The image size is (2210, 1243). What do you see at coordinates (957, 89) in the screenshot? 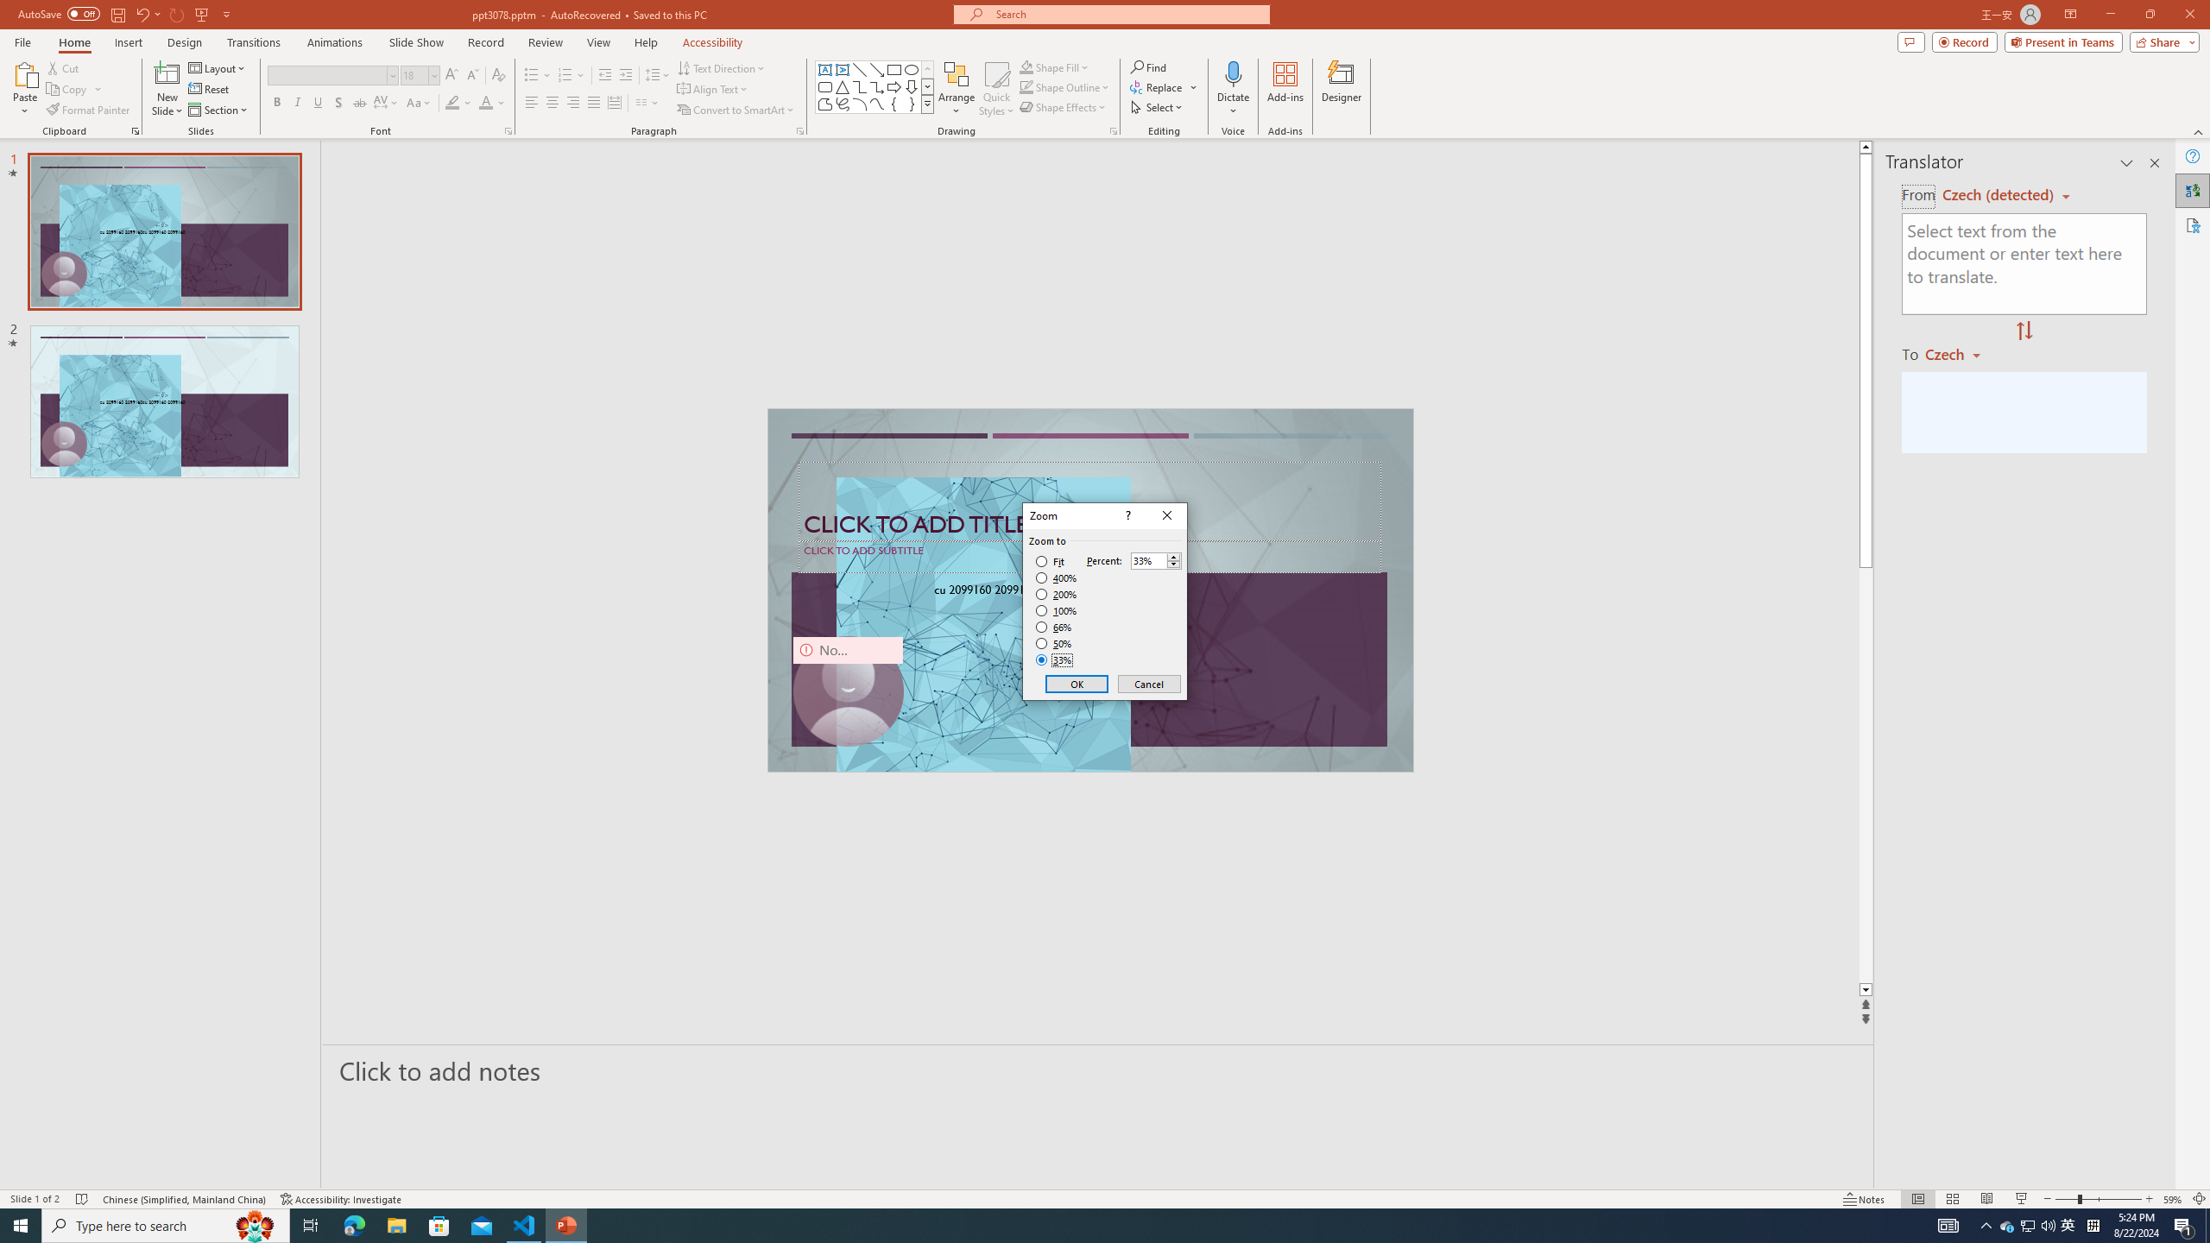
I see `'Arrange'` at bounding box center [957, 89].